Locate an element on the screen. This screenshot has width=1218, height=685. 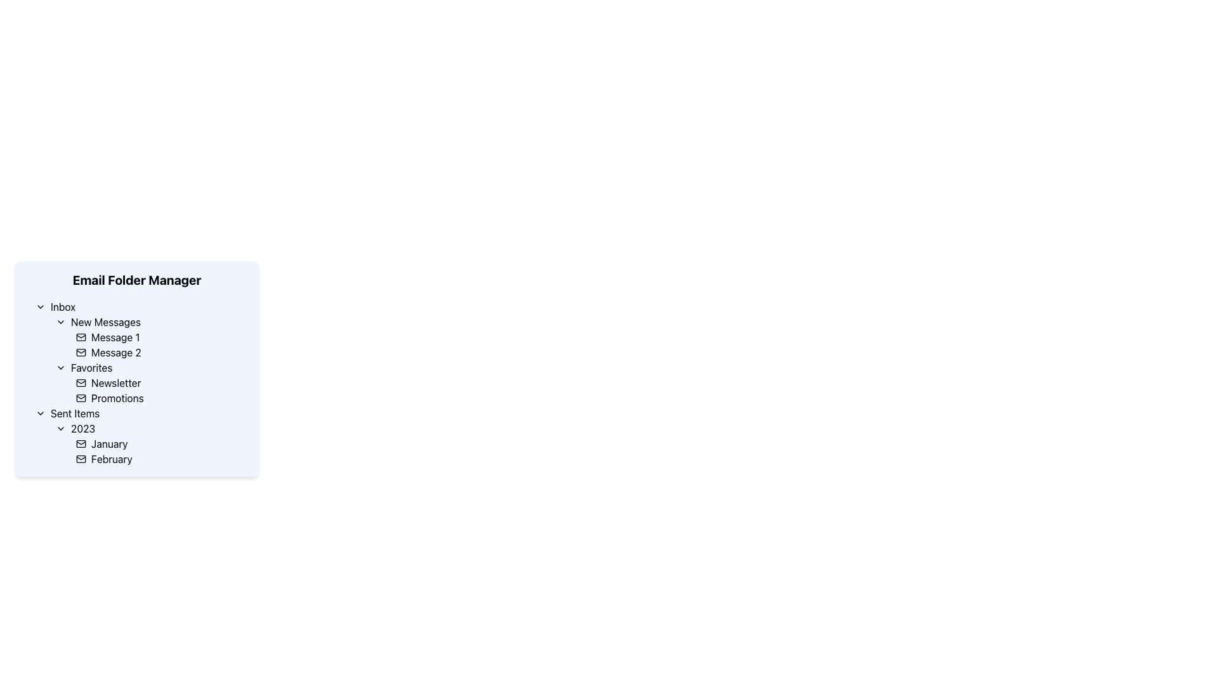
the black downward-facing chevron arrow icon located above the '2023' text label in the 'Sent Items' category of the 'Email Folder Manager' is located at coordinates (60, 428).